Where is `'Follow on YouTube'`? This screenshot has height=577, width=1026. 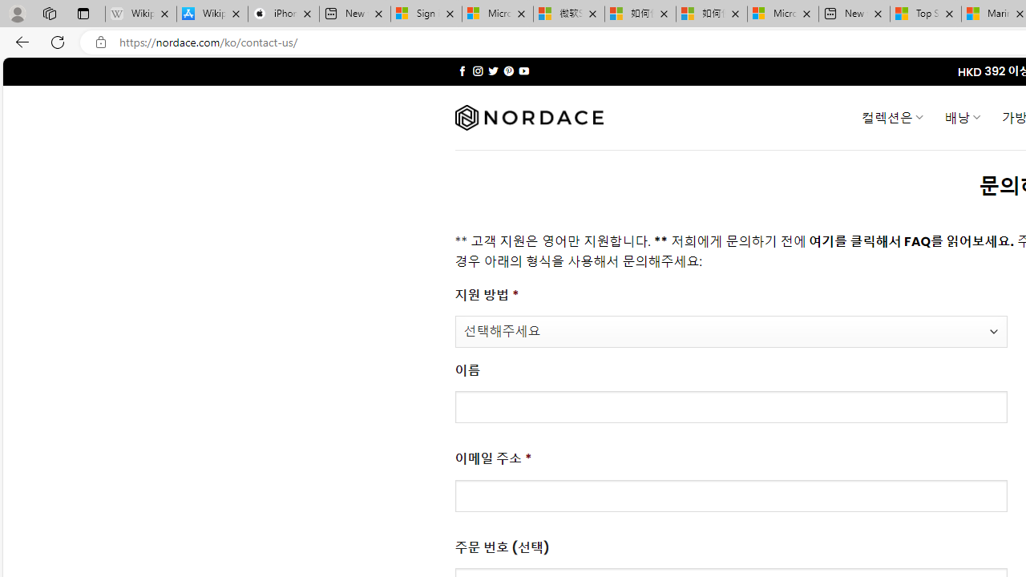 'Follow on YouTube' is located at coordinates (523, 71).